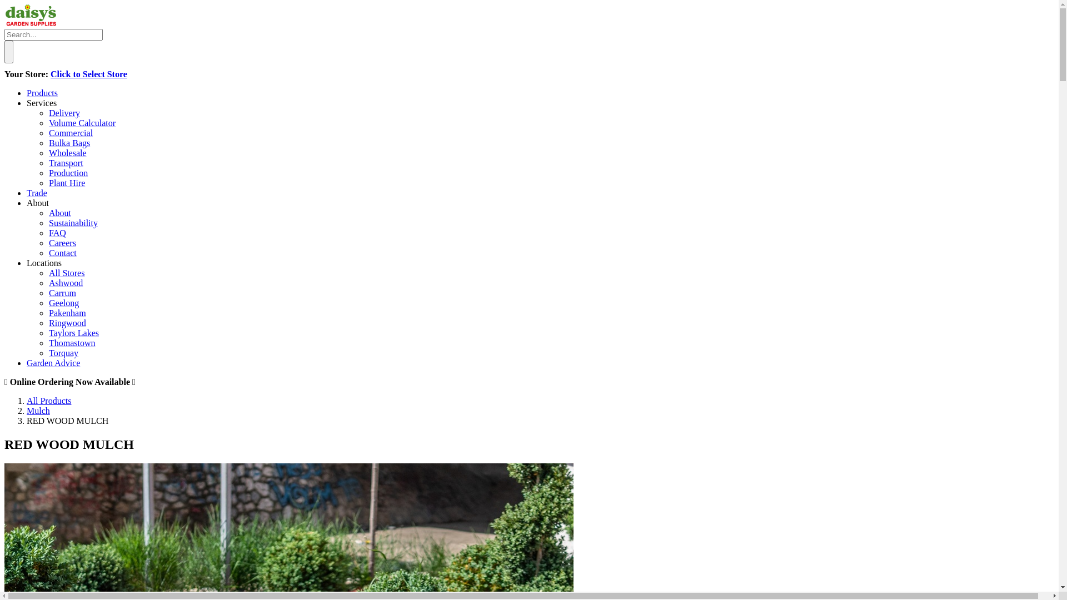 The image size is (1067, 600). What do you see at coordinates (38, 411) in the screenshot?
I see `'Mulch'` at bounding box center [38, 411].